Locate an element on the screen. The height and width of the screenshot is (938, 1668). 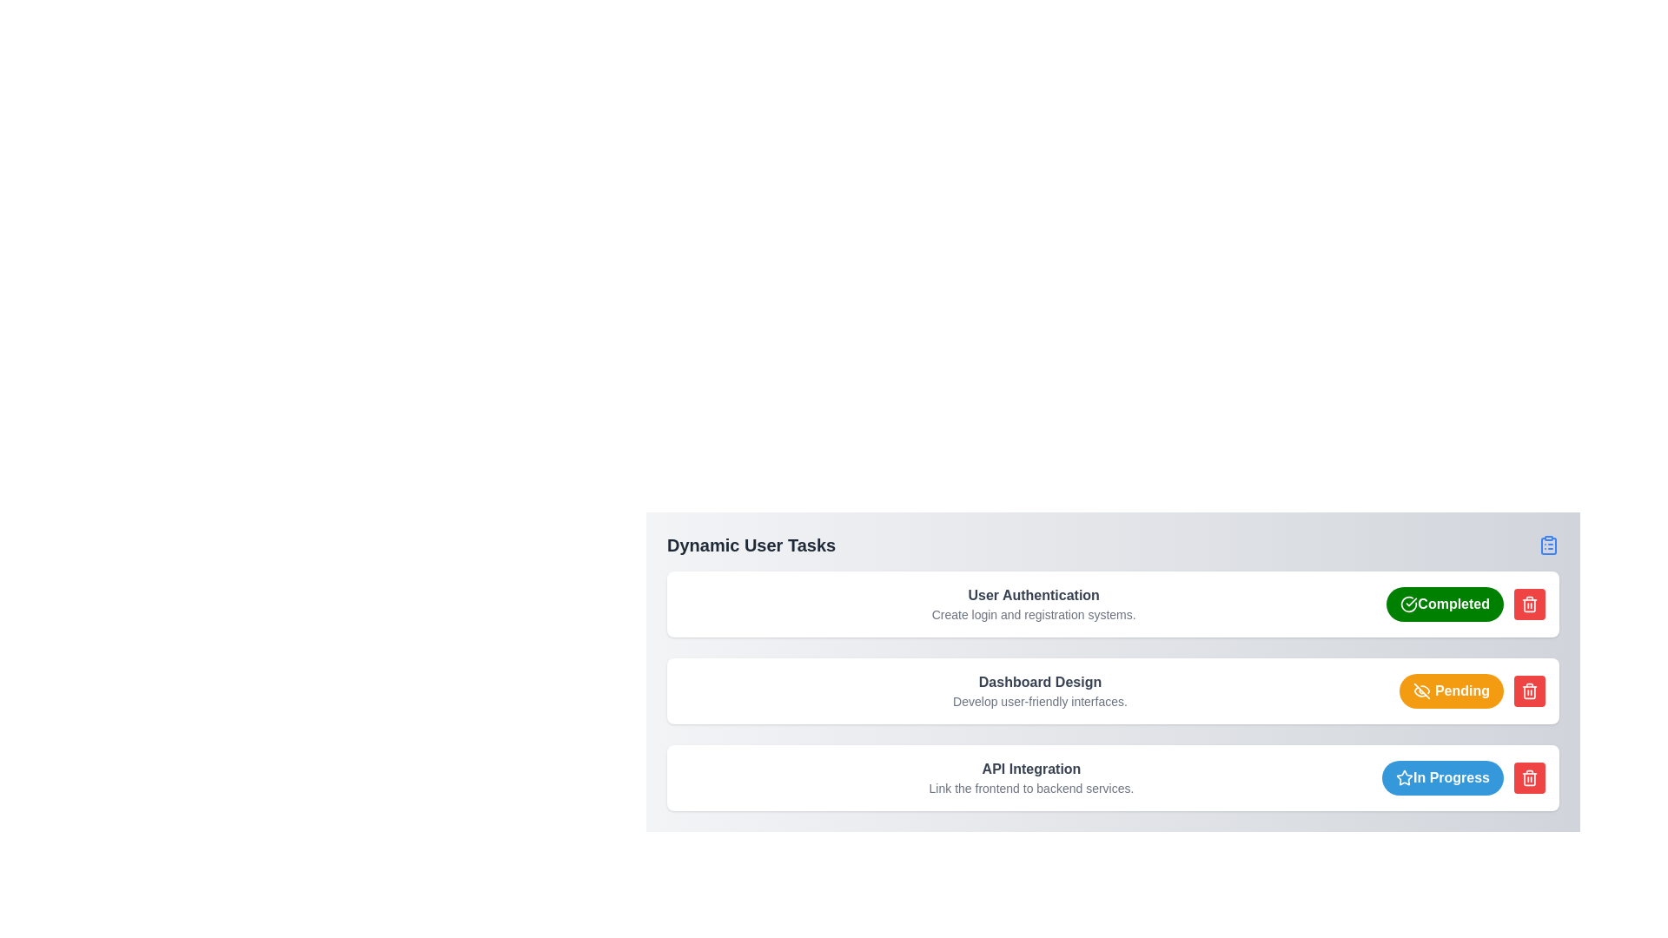
the static text label providing information about 'API Integration', which is positioned directly below the header in a bordered section is located at coordinates (1031, 788).